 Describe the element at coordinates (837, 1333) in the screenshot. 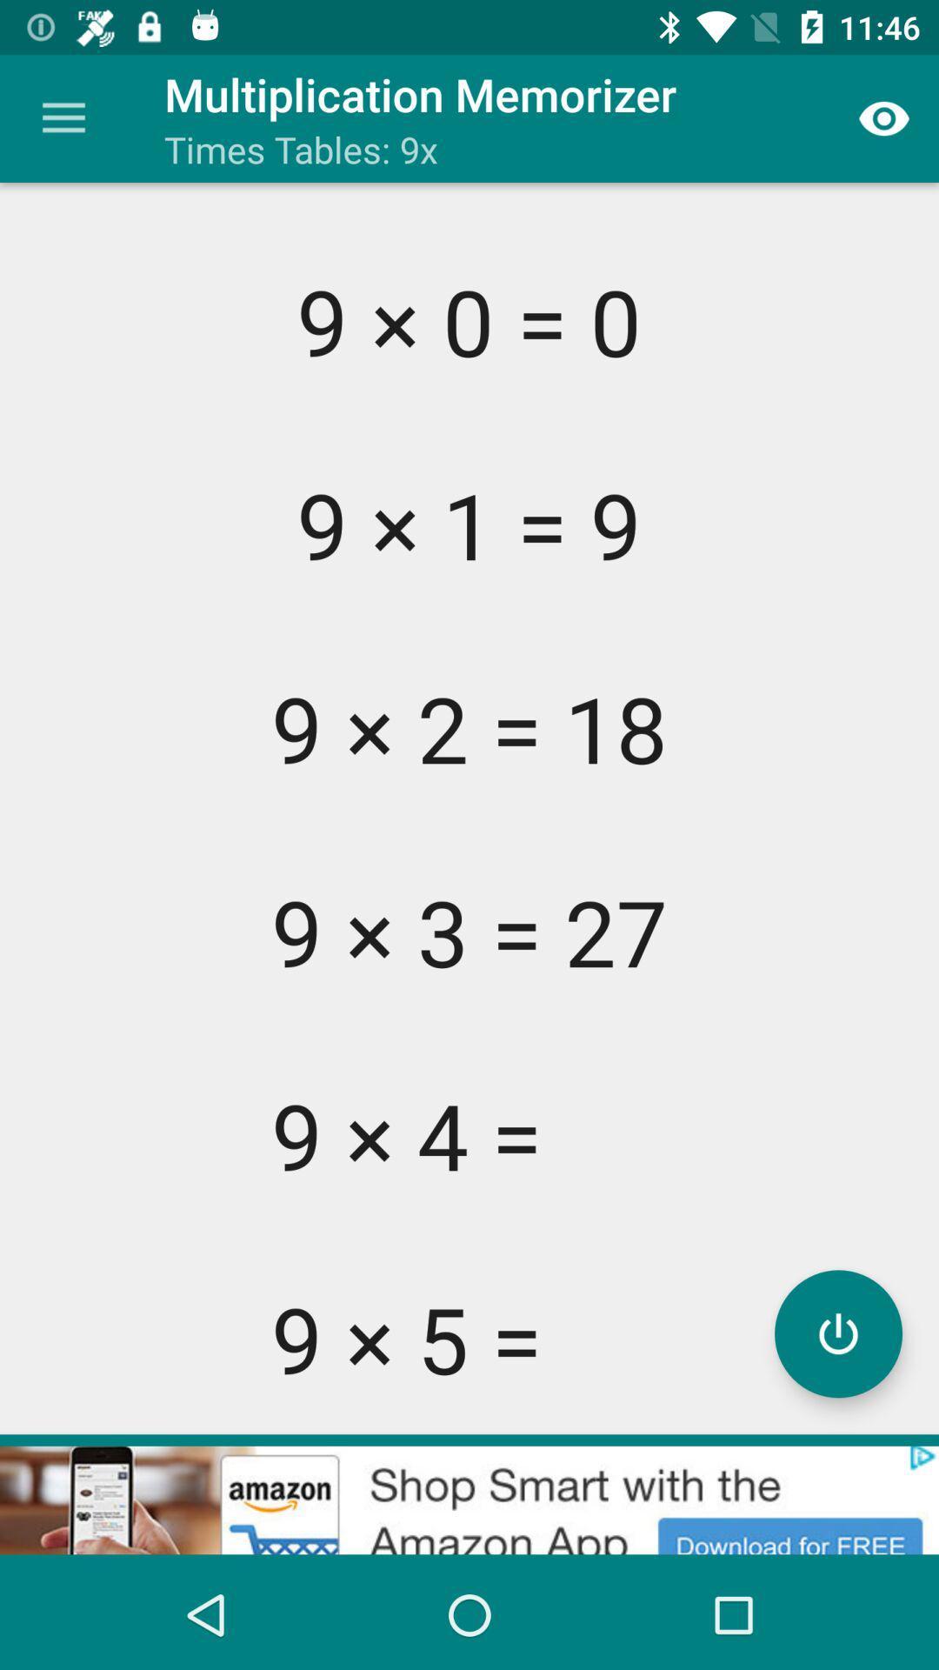

I see `the power icon` at that location.